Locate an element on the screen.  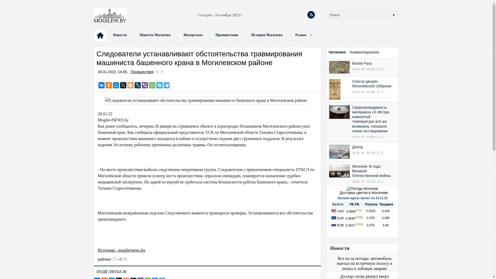
'Blogger' is located at coordinates (130, 85).